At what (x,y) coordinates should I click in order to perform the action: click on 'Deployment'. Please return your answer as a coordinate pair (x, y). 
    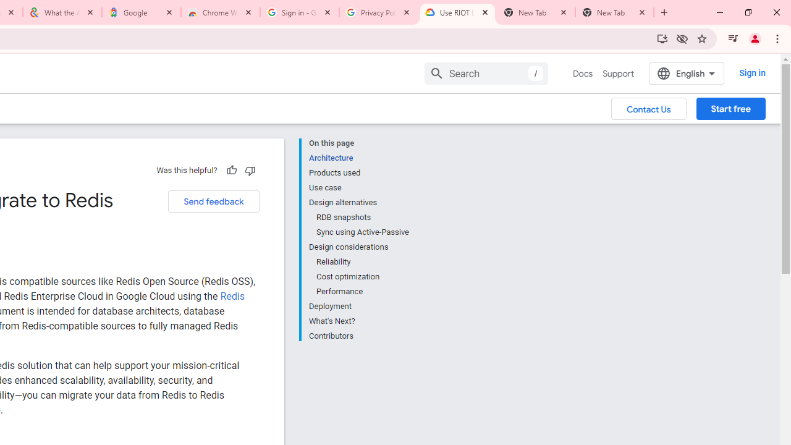
    Looking at the image, I should click on (358, 306).